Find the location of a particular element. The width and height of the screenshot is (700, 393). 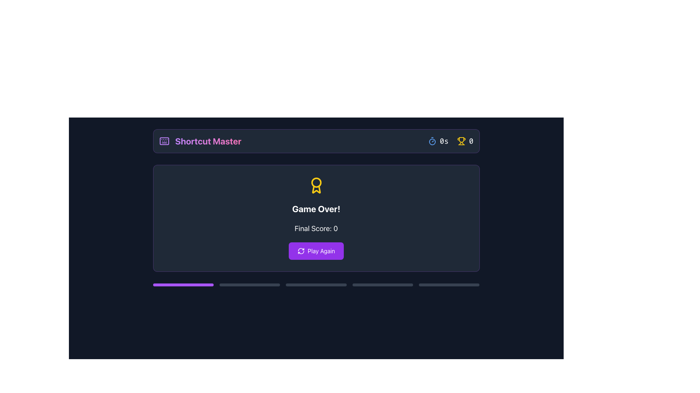

the yellow ribbon segment of the award icon, which is located below the circular medal at the bottom center of the award symbol is located at coordinates (316, 189).